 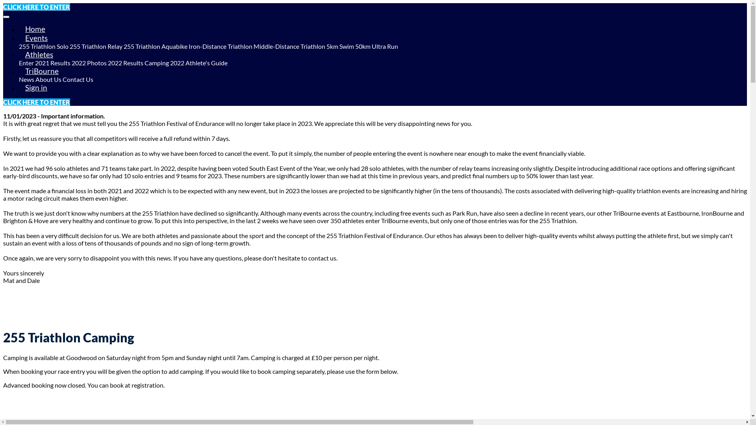 I want to click on 'About Us', so click(x=35, y=79).